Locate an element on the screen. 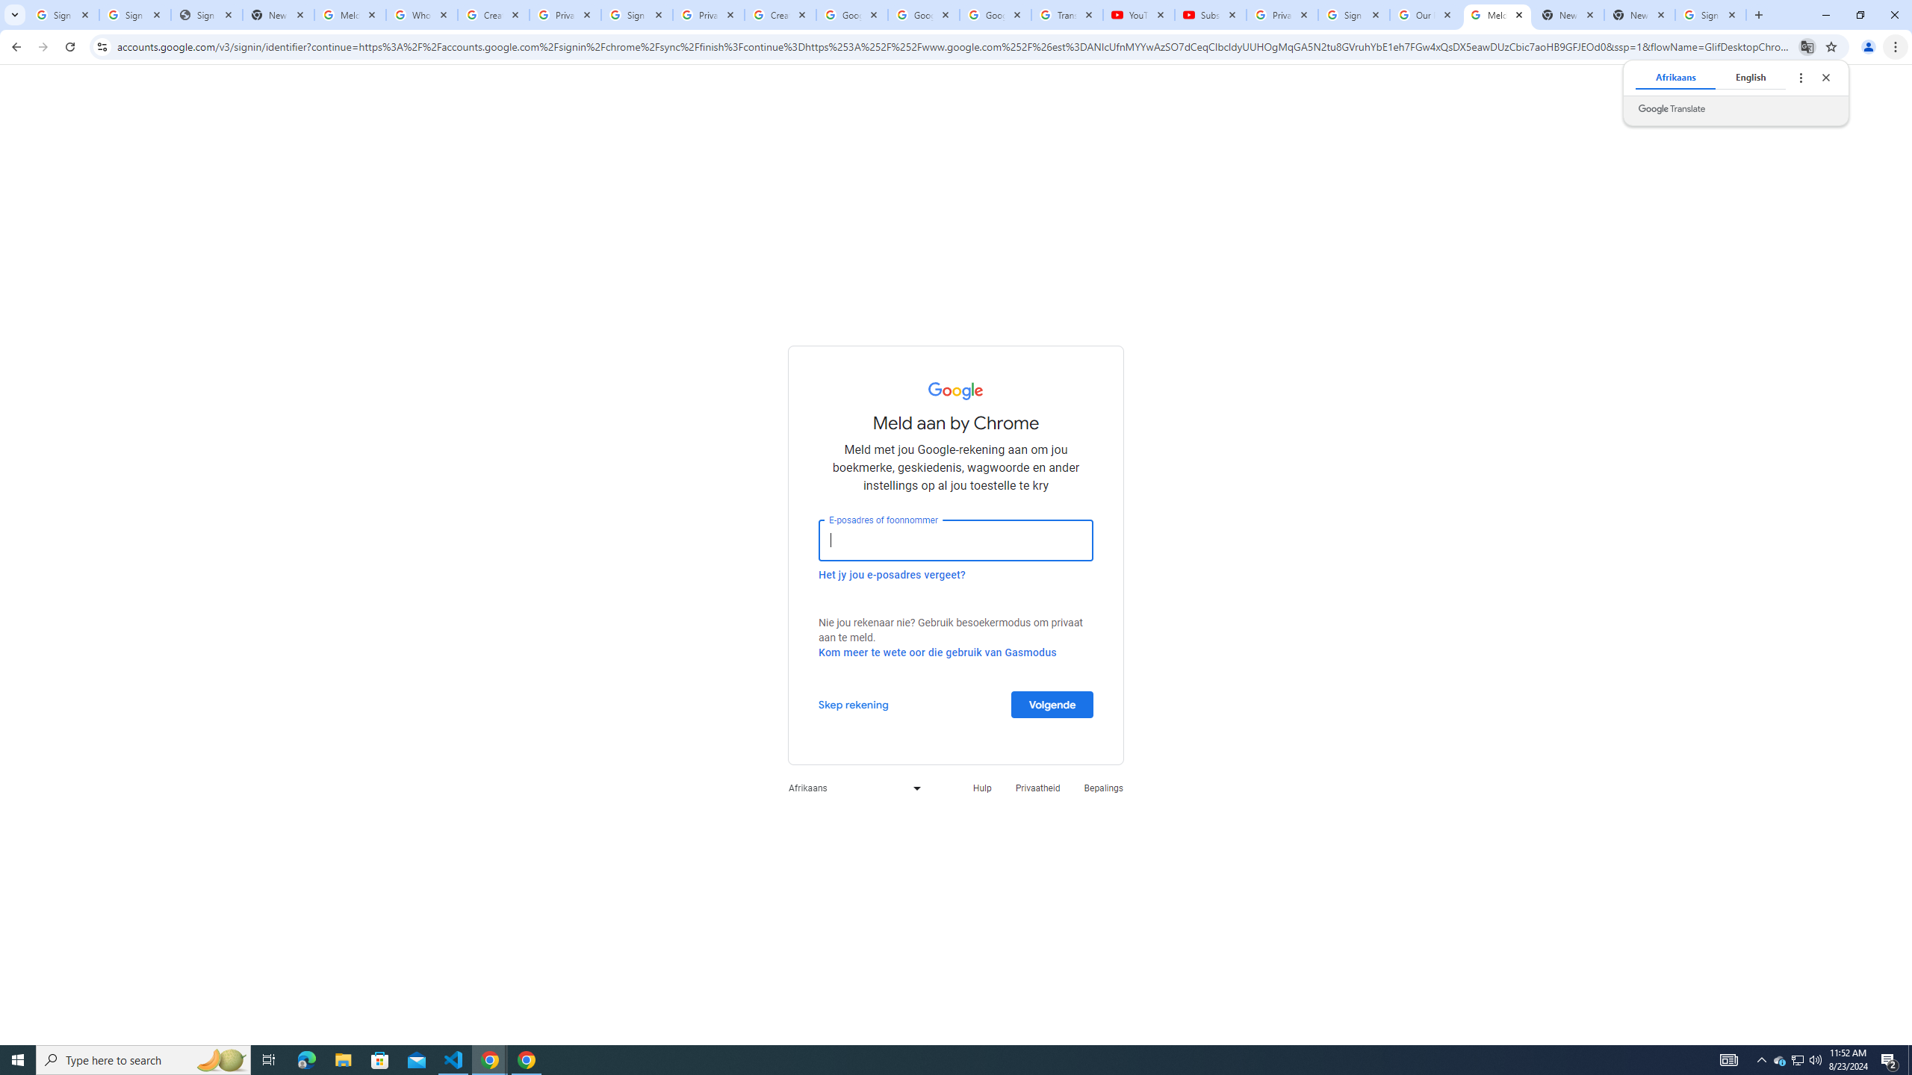 The width and height of the screenshot is (1912, 1075). 'Kom meer te wete oor die gebruik van Gasmodus' is located at coordinates (937, 652).